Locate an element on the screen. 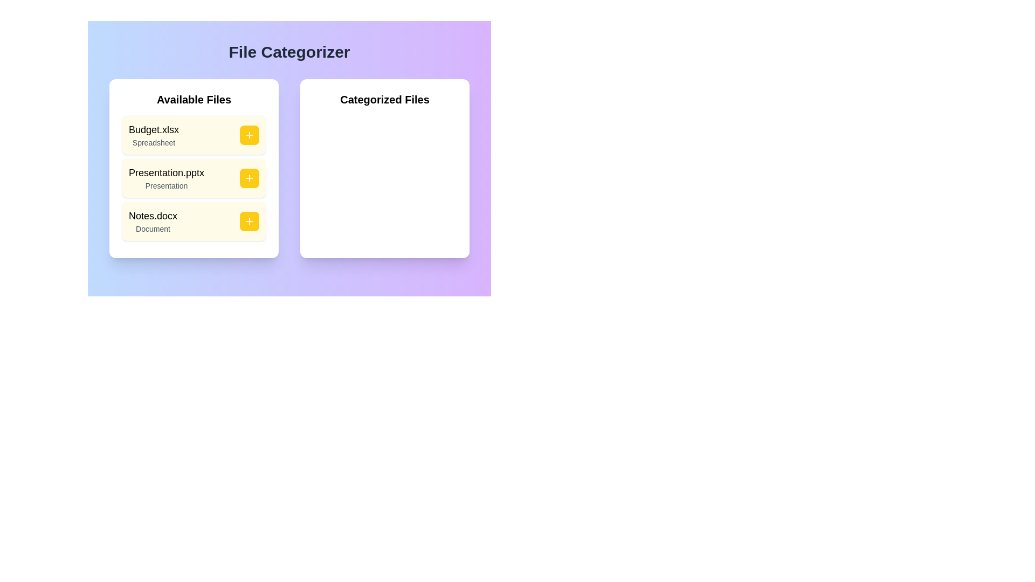  the heading text 'File Categorizer', which is prominently displayed at the top-center of the interface in a bold, large gray font is located at coordinates (289, 52).